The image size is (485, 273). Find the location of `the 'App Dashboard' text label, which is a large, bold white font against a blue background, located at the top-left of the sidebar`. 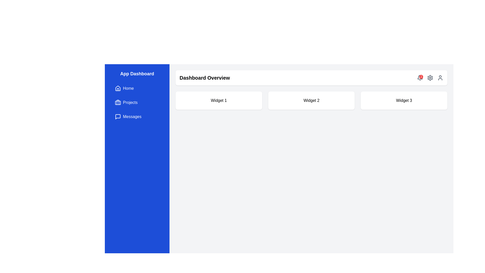

the 'App Dashboard' text label, which is a large, bold white font against a blue background, located at the top-left of the sidebar is located at coordinates (137, 74).